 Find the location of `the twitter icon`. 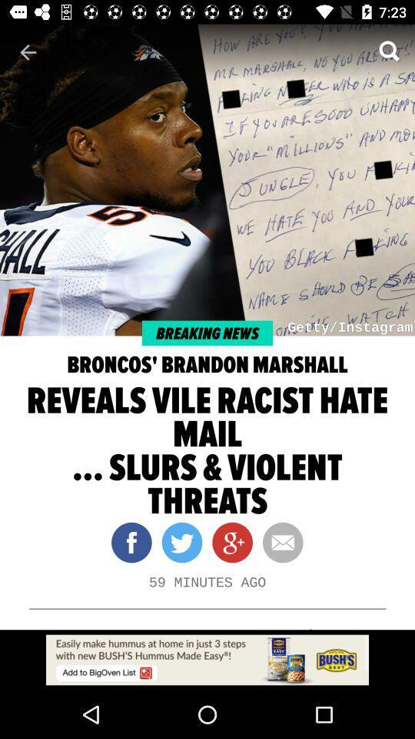

the twitter icon is located at coordinates (176, 543).